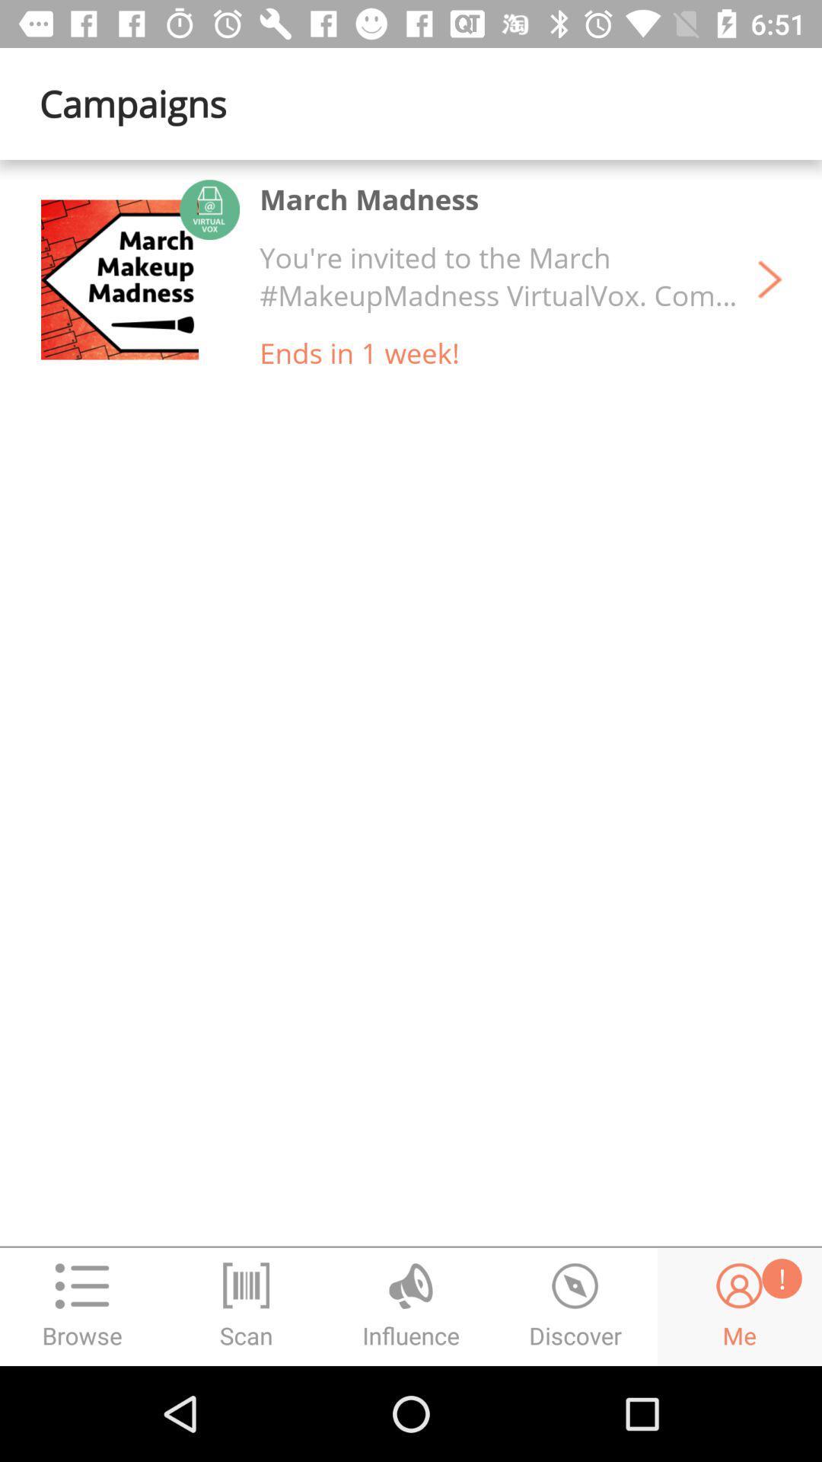 This screenshot has width=822, height=1462. What do you see at coordinates (369, 198) in the screenshot?
I see `the march madness item` at bounding box center [369, 198].